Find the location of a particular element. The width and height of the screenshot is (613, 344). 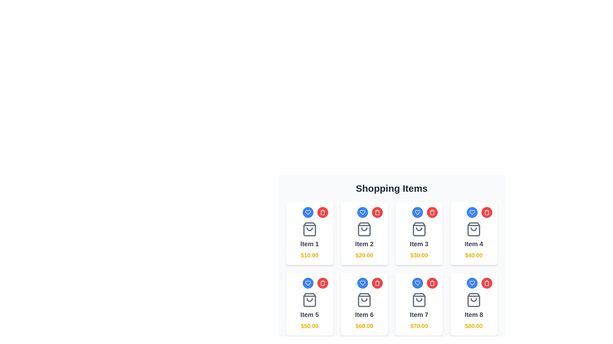

the delete button located in the top-right corner of the card for 'Item 4' is located at coordinates (487, 212).